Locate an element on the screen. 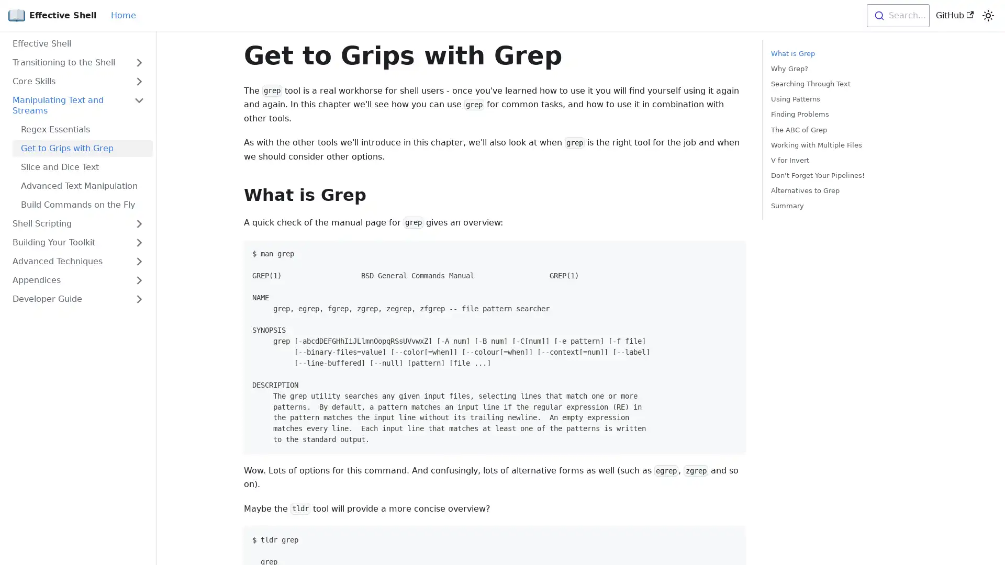 This screenshot has width=1005, height=565. Search... is located at coordinates (897, 16).